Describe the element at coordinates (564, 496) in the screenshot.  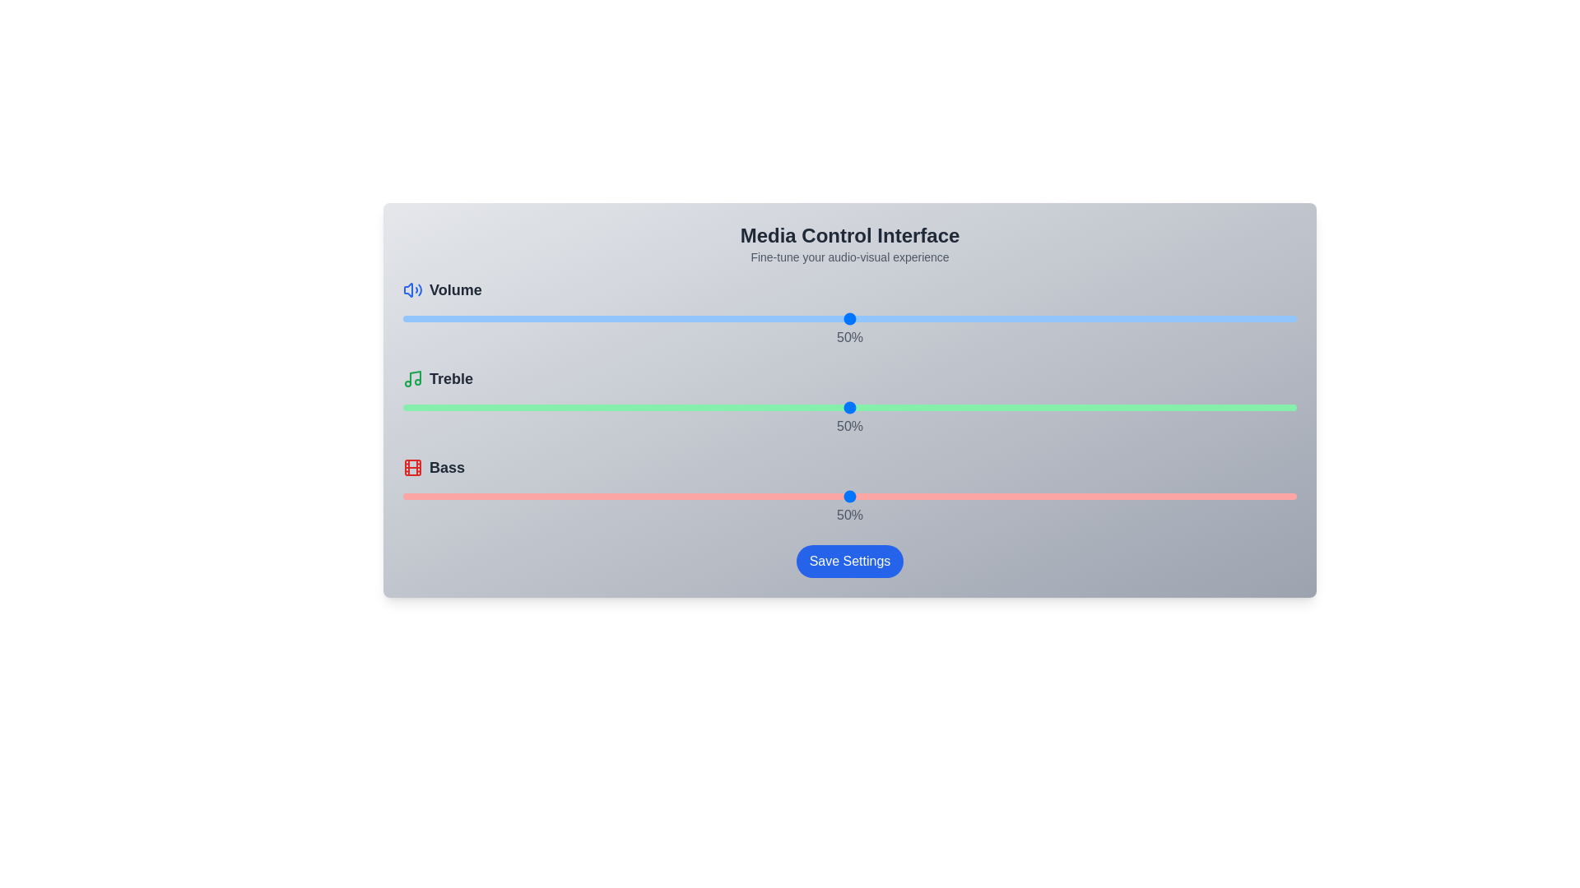
I see `the bass level` at that location.